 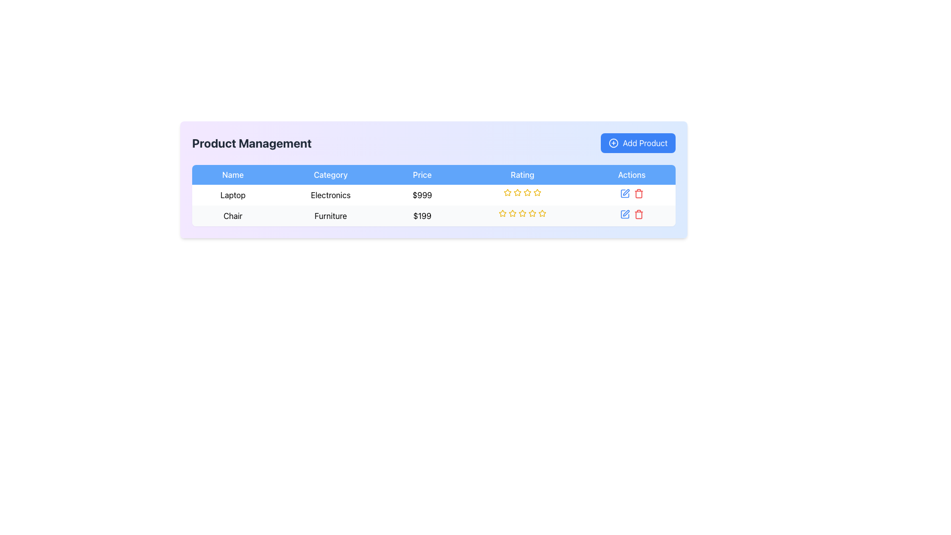 I want to click on the second star in the 5-star rating system located in the 'Rating' column of the second row in the product table, so click(x=513, y=213).